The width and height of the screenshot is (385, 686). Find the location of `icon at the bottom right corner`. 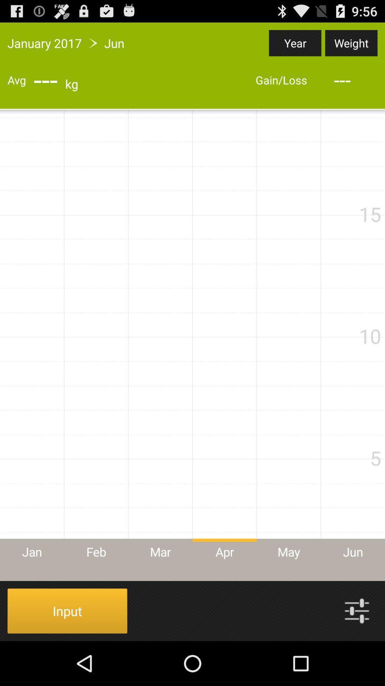

icon at the bottom right corner is located at coordinates (357, 610).